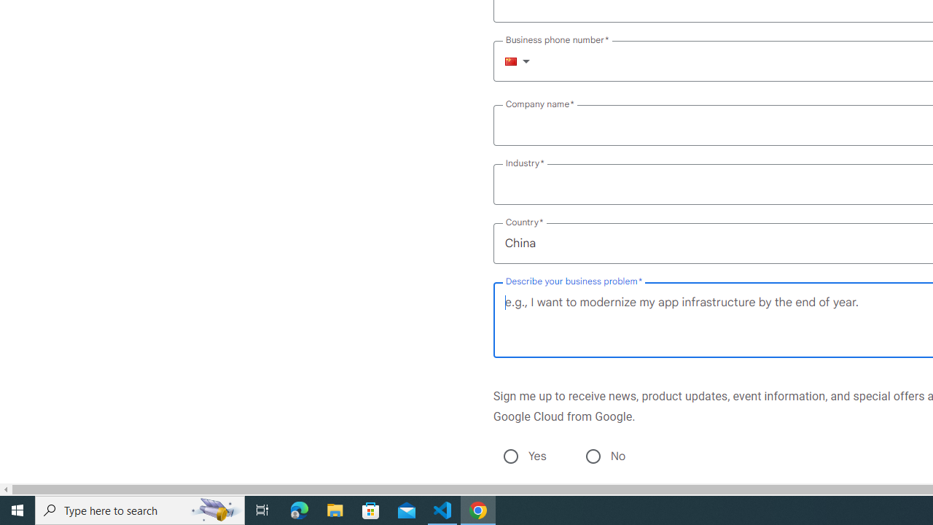 This screenshot has height=525, width=933. I want to click on 'No', so click(593, 456).